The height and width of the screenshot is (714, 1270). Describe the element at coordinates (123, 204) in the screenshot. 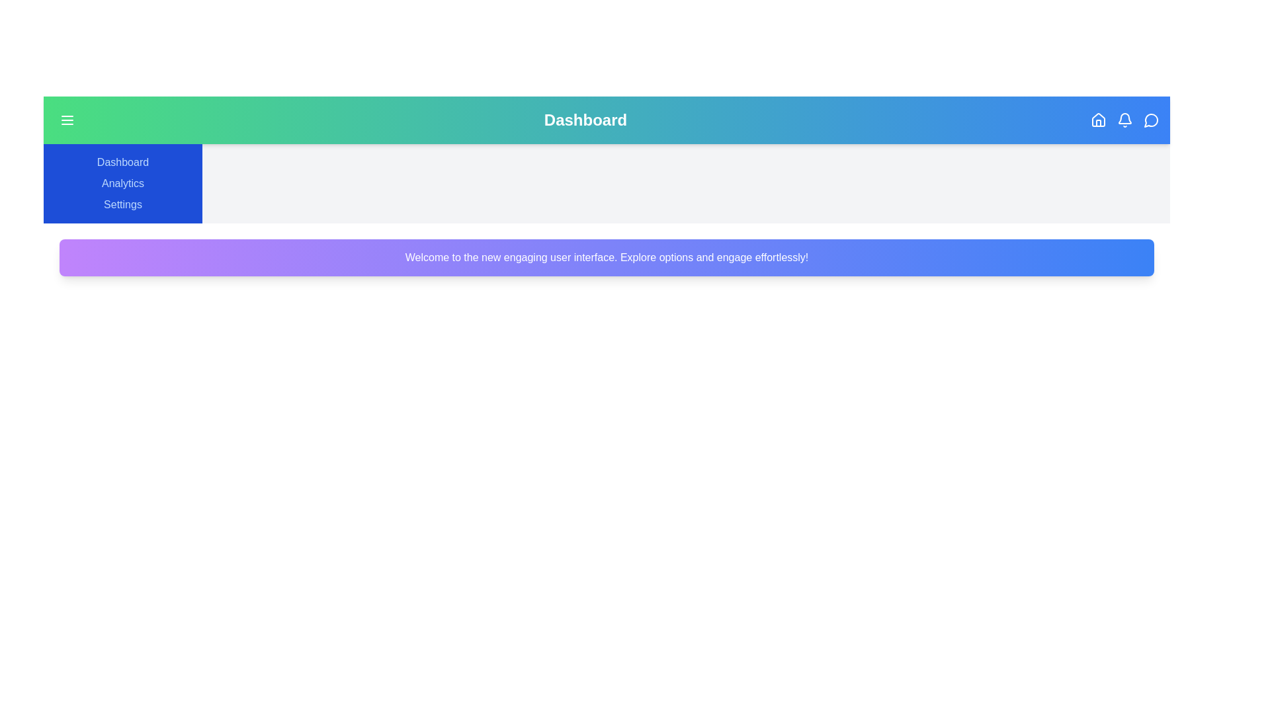

I see `the 'Settings' button in the sidebar` at that location.